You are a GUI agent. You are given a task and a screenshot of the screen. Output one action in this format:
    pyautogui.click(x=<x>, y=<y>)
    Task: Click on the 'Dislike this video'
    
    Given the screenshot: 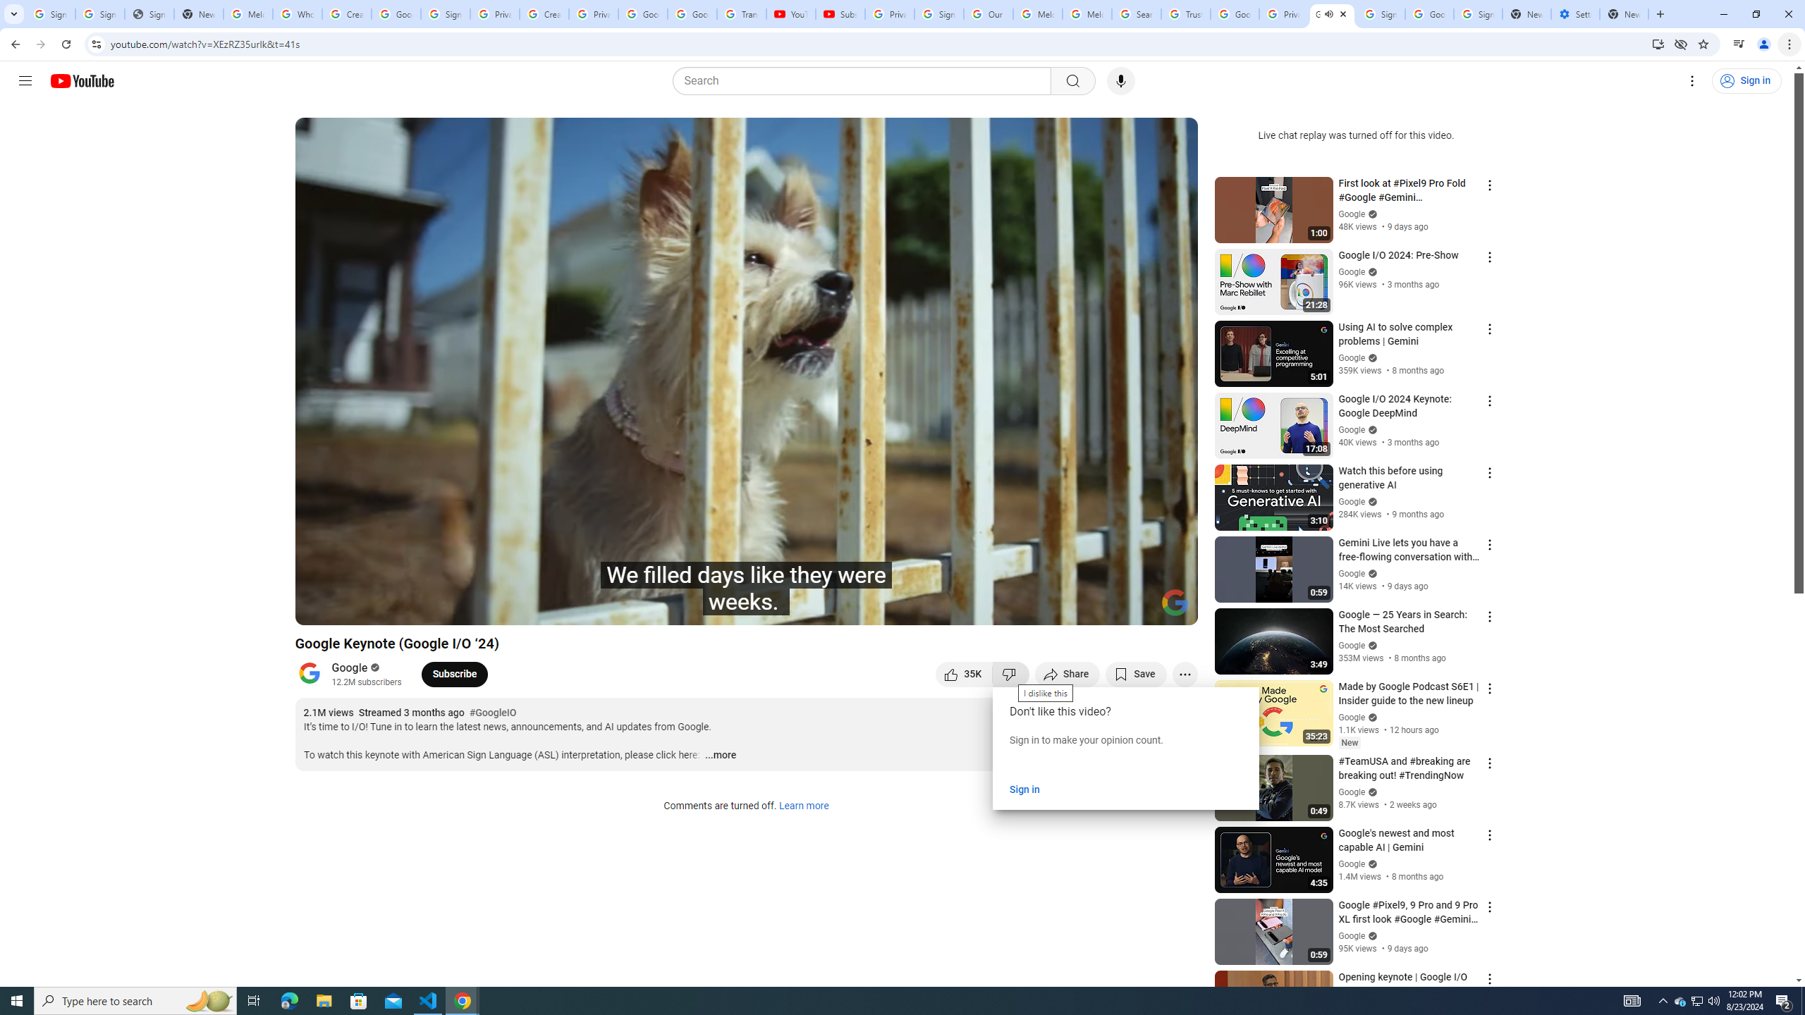 What is the action you would take?
    pyautogui.click(x=1011, y=673)
    